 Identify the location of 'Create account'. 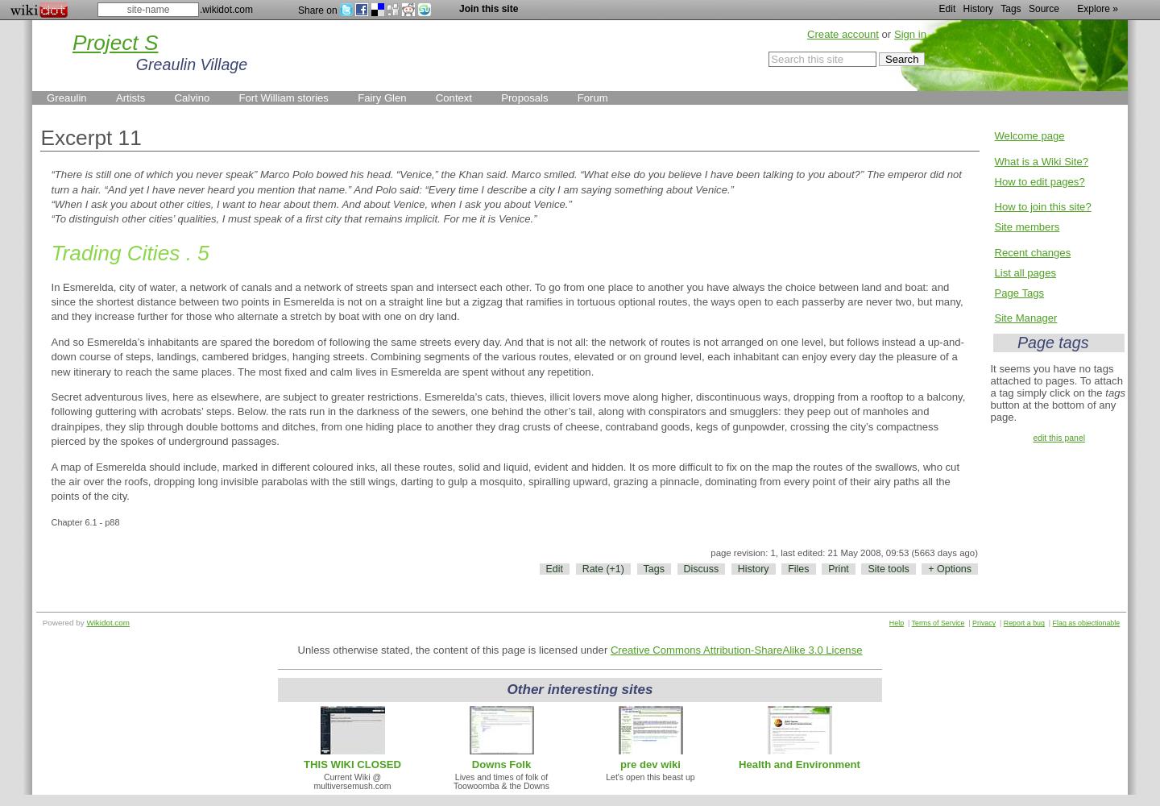
(843, 34).